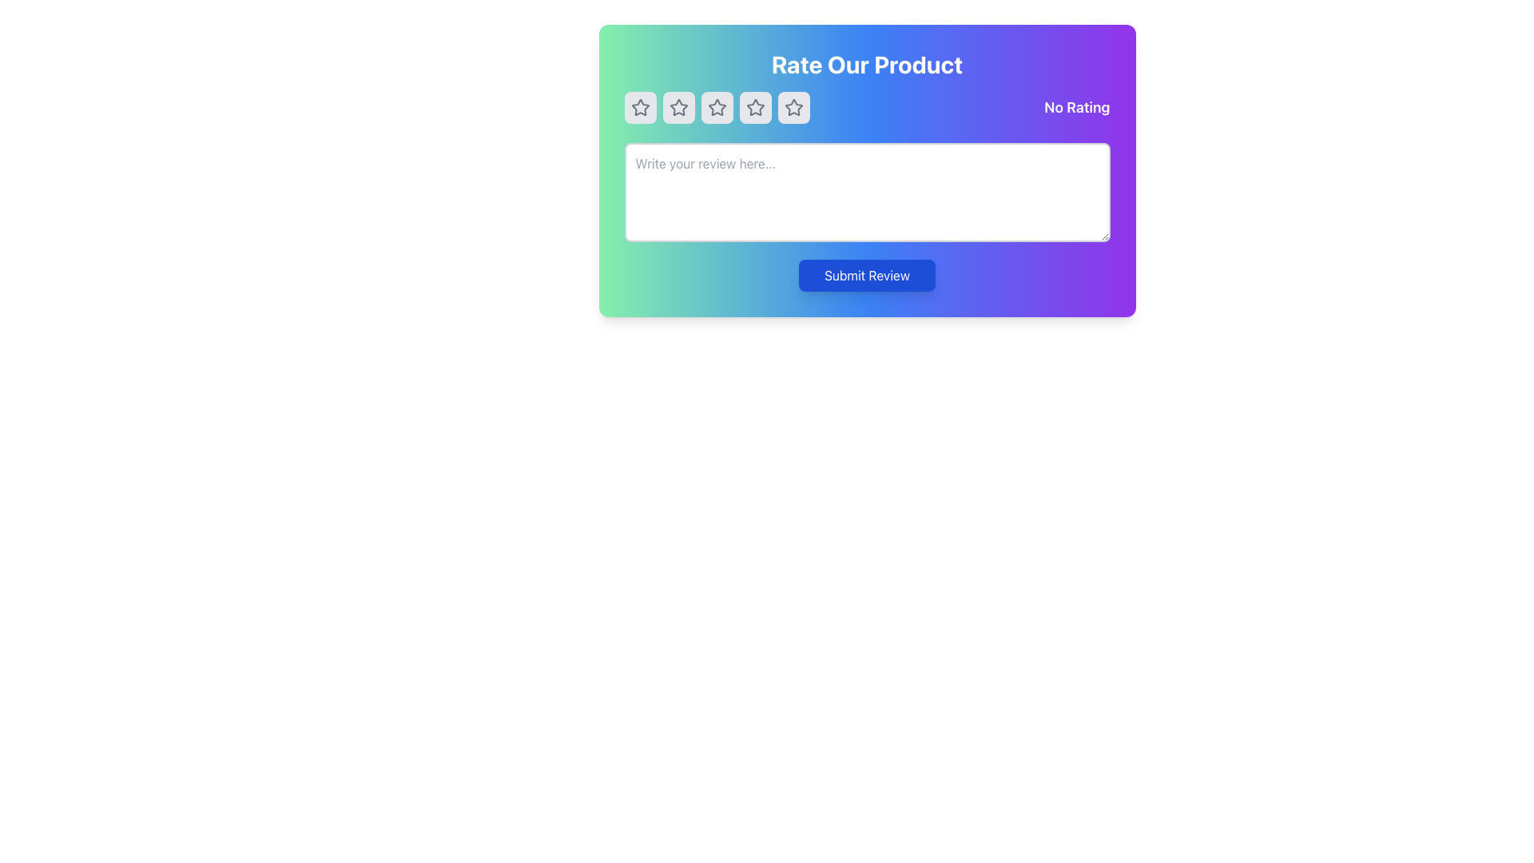  I want to click on the star icon button, so click(754, 108).